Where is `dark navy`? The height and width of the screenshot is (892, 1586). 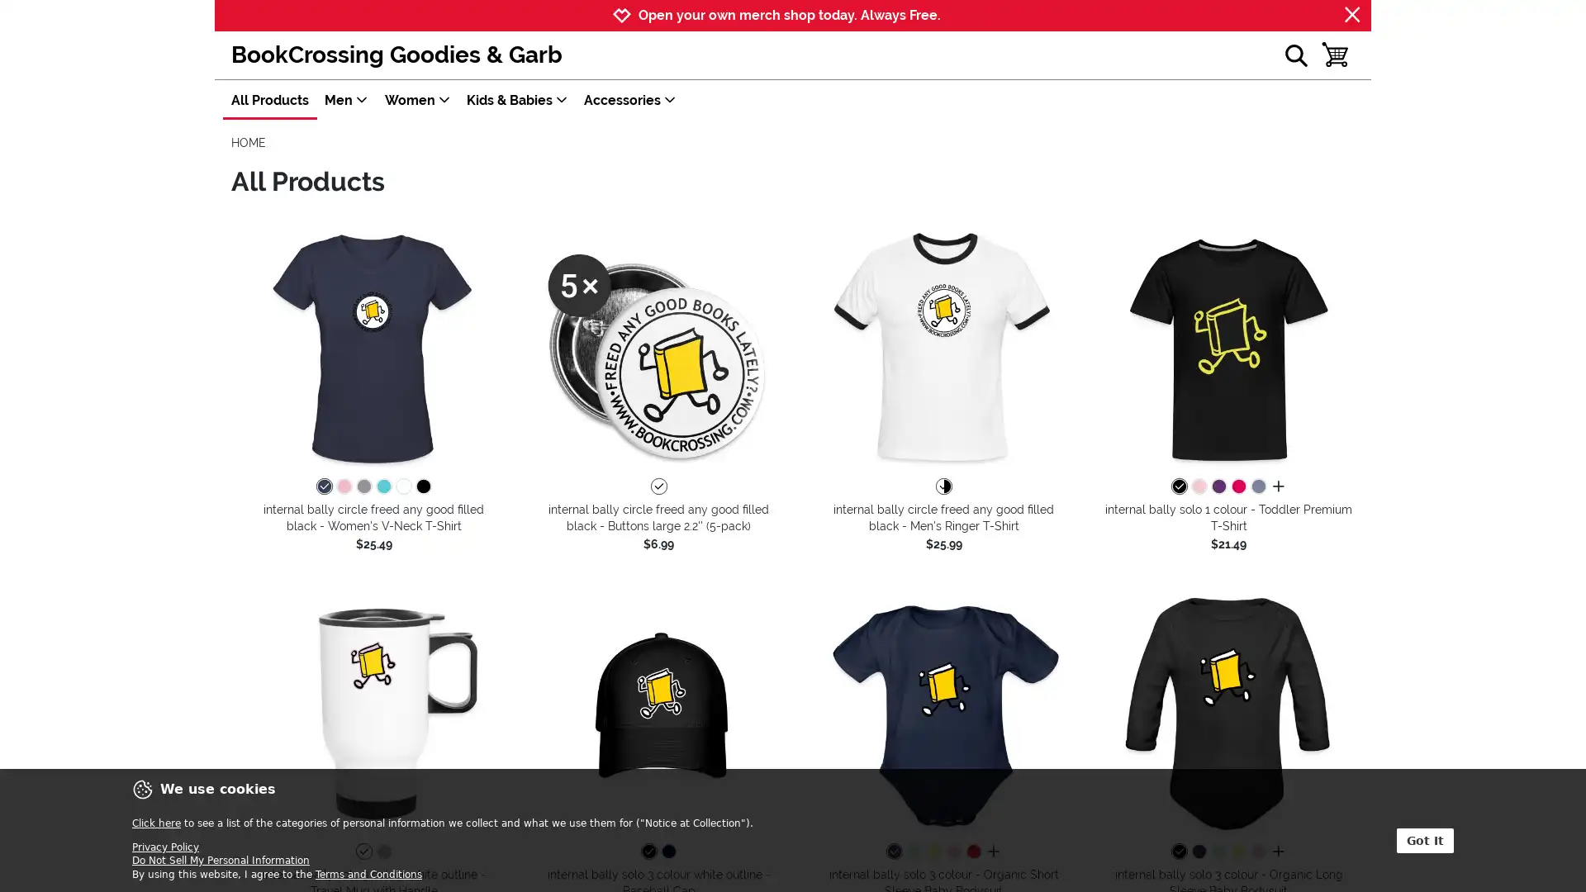 dark navy is located at coordinates (892, 852).